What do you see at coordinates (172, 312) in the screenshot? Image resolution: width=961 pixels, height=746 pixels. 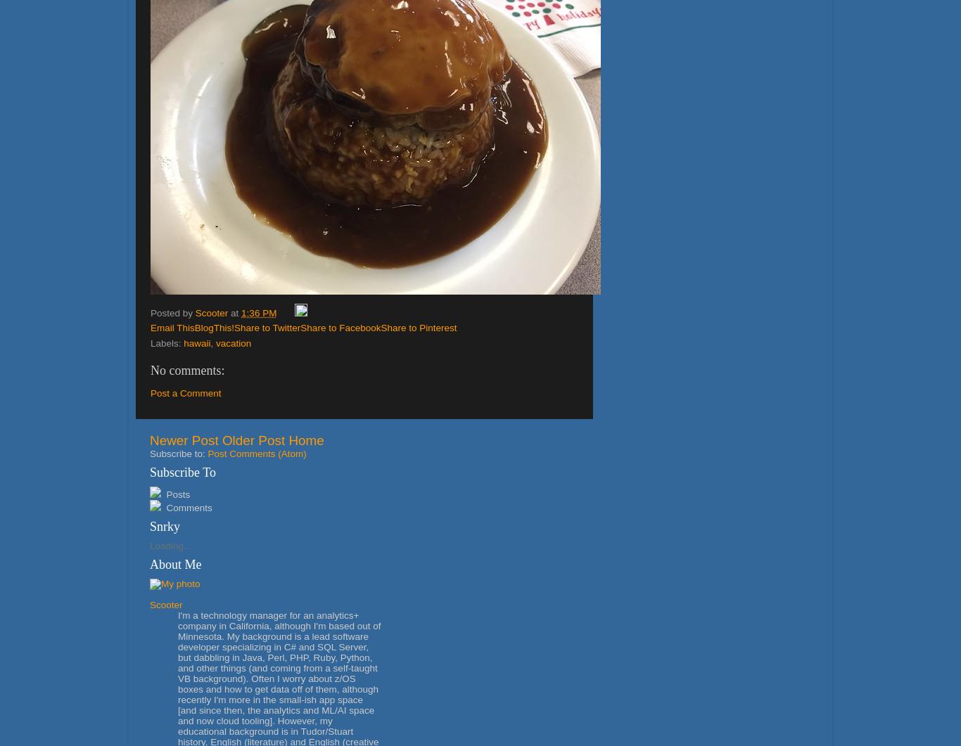 I see `'Posted by'` at bounding box center [172, 312].